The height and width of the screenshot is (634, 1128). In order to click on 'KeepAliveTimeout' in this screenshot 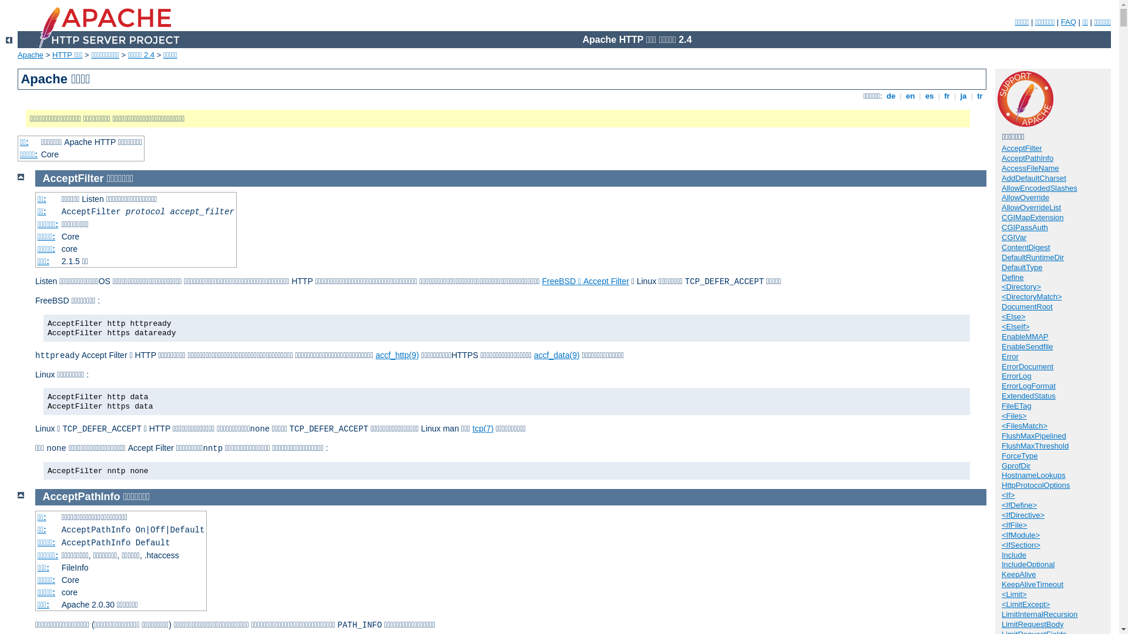, I will do `click(1032, 584)`.